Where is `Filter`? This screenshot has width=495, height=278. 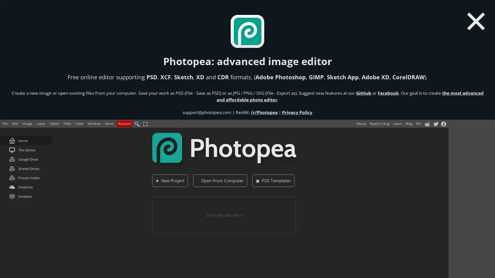
Filter is located at coordinates (67, 4).